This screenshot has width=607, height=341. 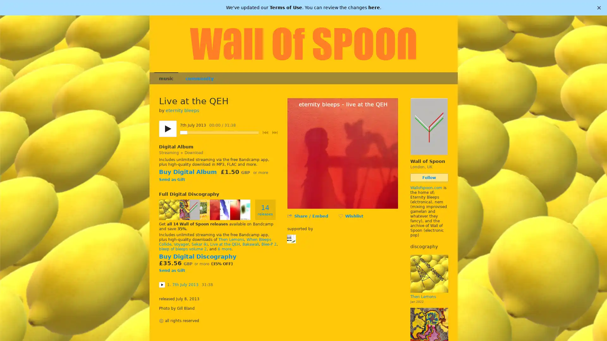 What do you see at coordinates (187, 172) in the screenshot?
I see `Buy Digital Album` at bounding box center [187, 172].